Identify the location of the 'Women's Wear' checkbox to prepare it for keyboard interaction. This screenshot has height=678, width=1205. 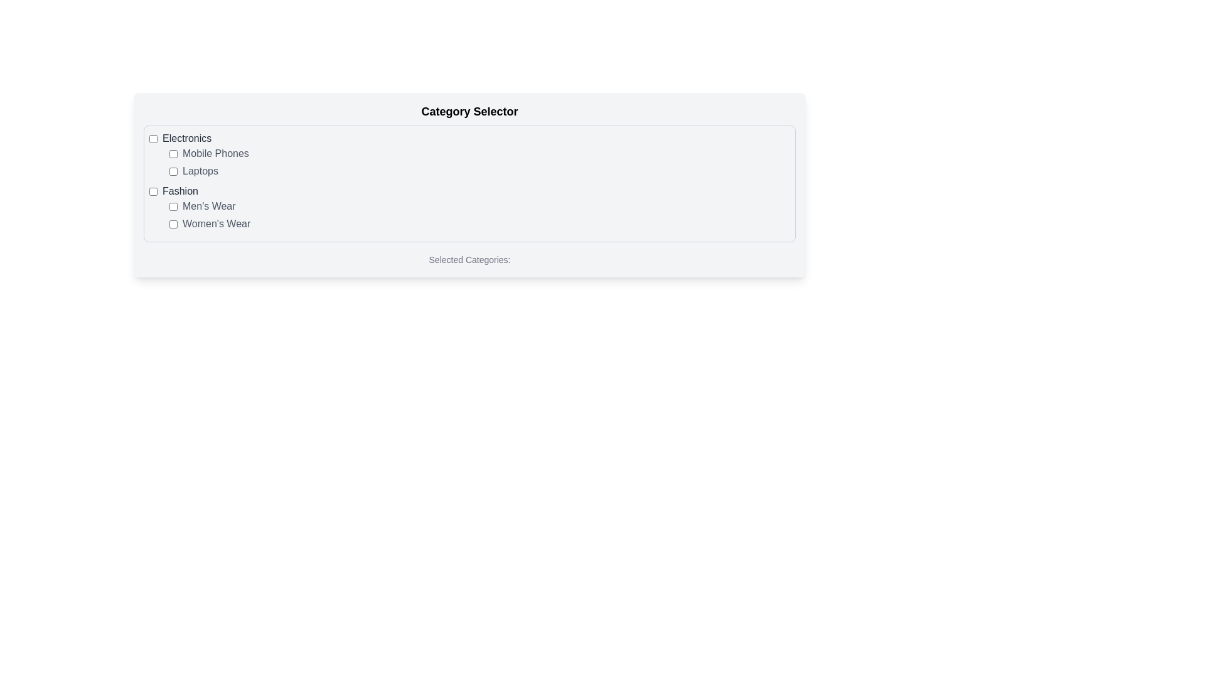
(173, 223).